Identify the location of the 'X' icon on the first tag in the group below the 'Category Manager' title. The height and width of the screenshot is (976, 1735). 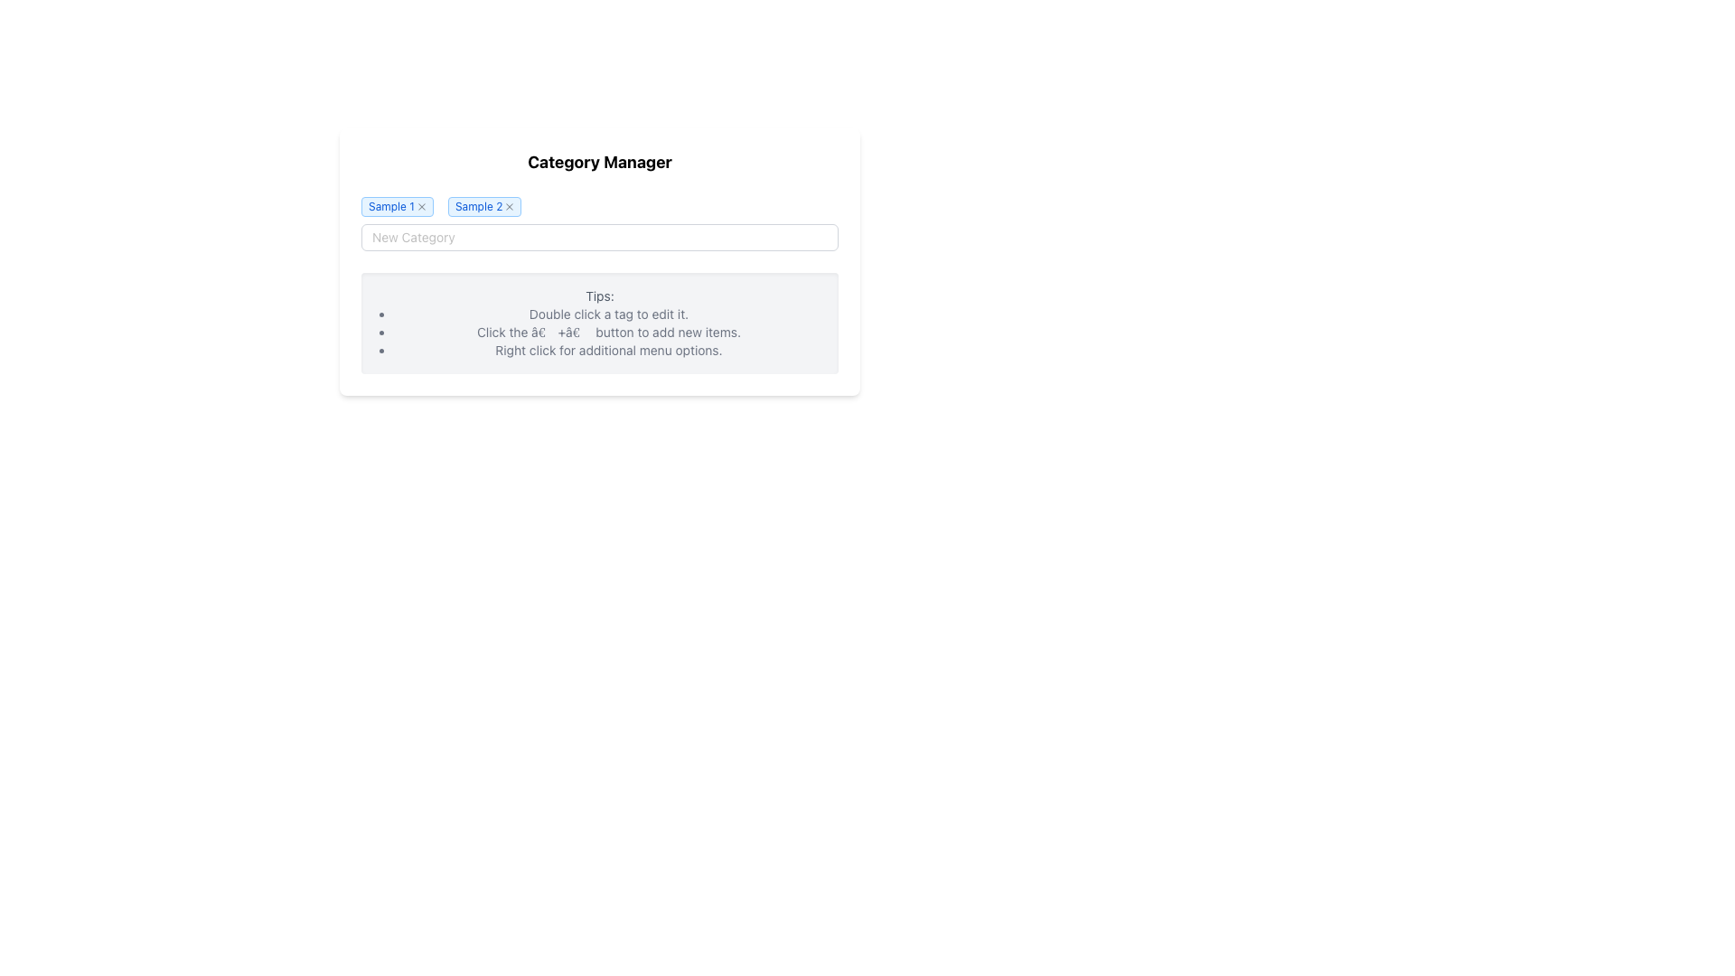
(396, 205).